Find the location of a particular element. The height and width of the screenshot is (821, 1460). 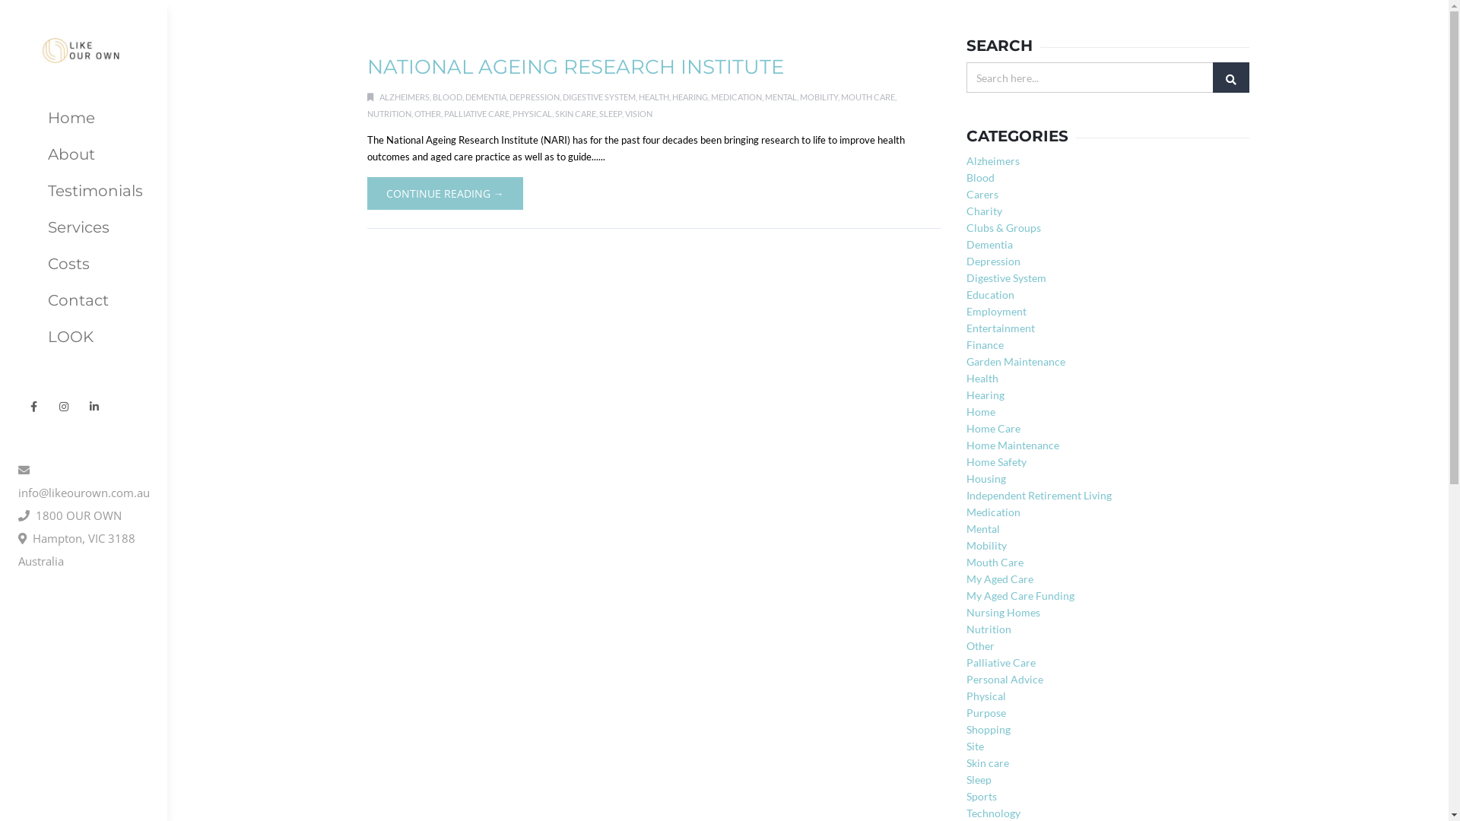

'Nursing Homes' is located at coordinates (1003, 611).